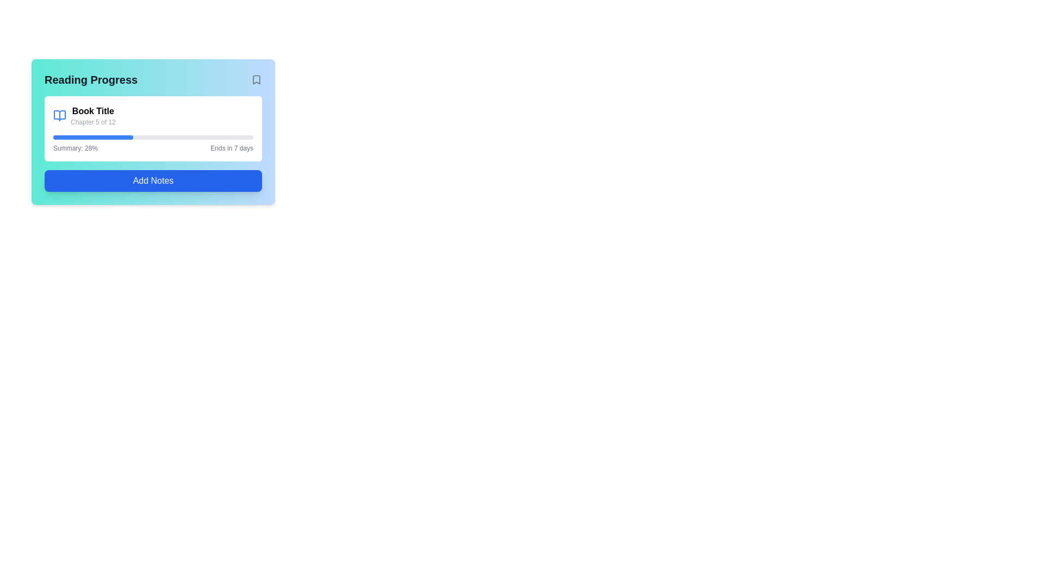  What do you see at coordinates (93, 122) in the screenshot?
I see `the text display showing 'Chapter 5 of 12', which is styled in gray and positioned below the 'Book Title' in the 'Reading Progress' card UI` at bounding box center [93, 122].